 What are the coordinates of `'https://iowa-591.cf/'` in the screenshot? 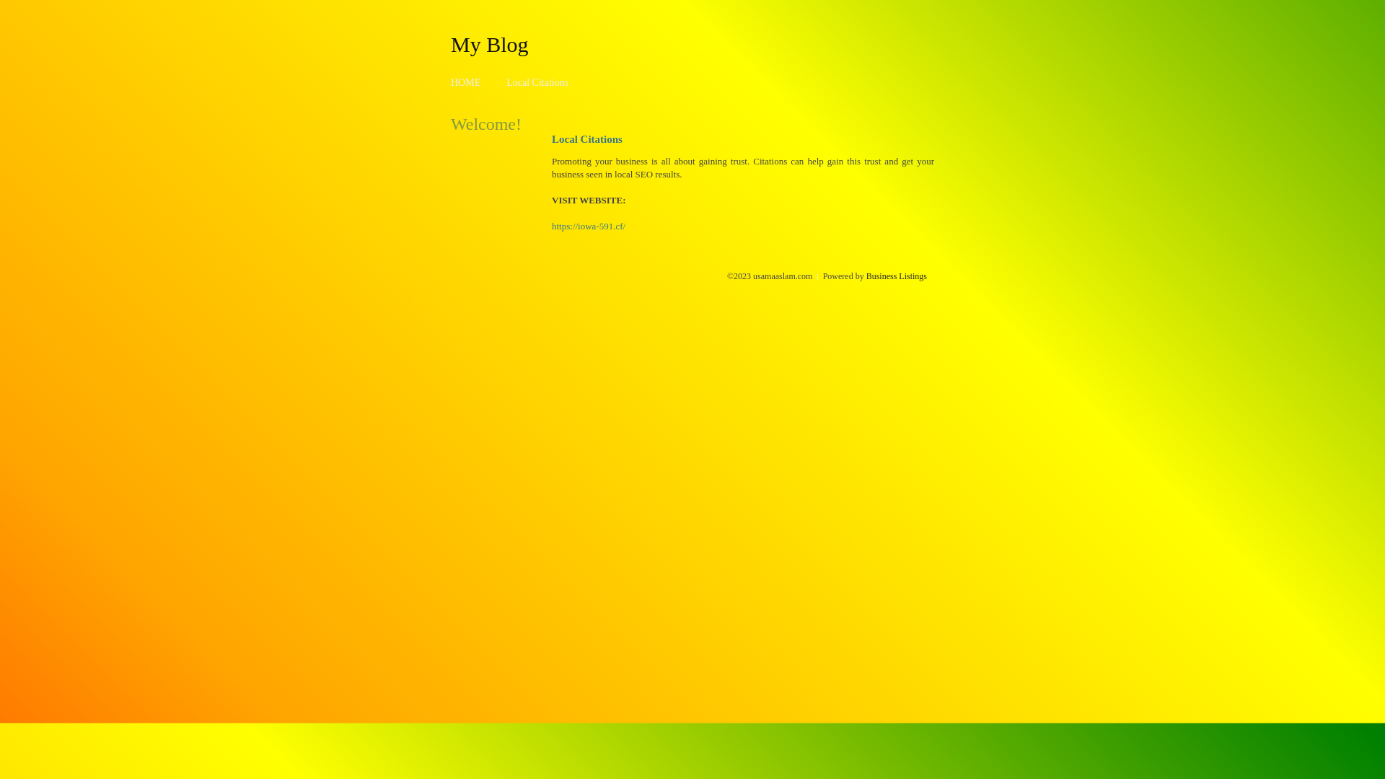 It's located at (589, 226).